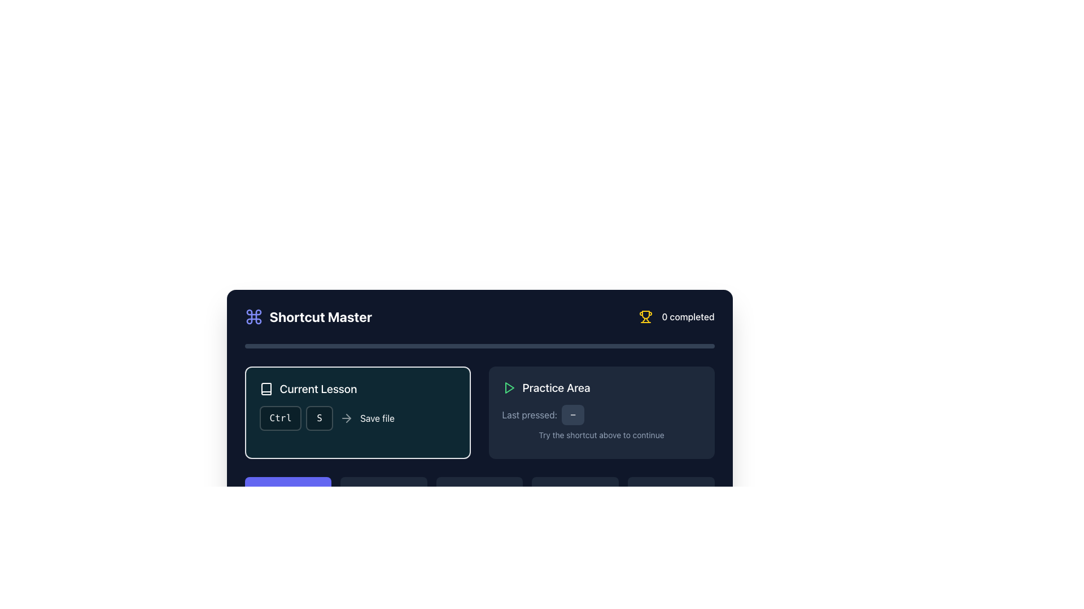 The width and height of the screenshot is (1084, 609). What do you see at coordinates (253, 317) in the screenshot?
I see `the command control features of the indigo cross-like SVG icon located near the 'Shortcut Master' heading by clicking on it` at bounding box center [253, 317].